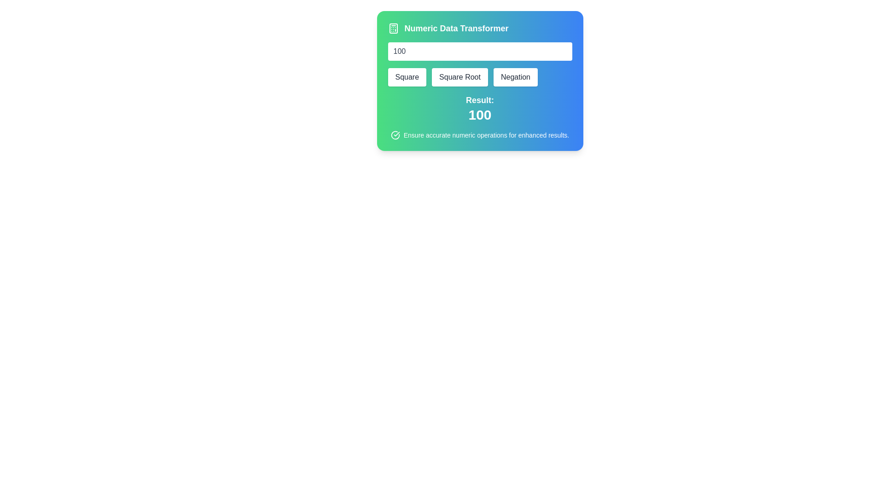 Image resolution: width=884 pixels, height=497 pixels. I want to click on the button that calculates the square of a numeric value, located near the top-center of the interface, so click(407, 77).